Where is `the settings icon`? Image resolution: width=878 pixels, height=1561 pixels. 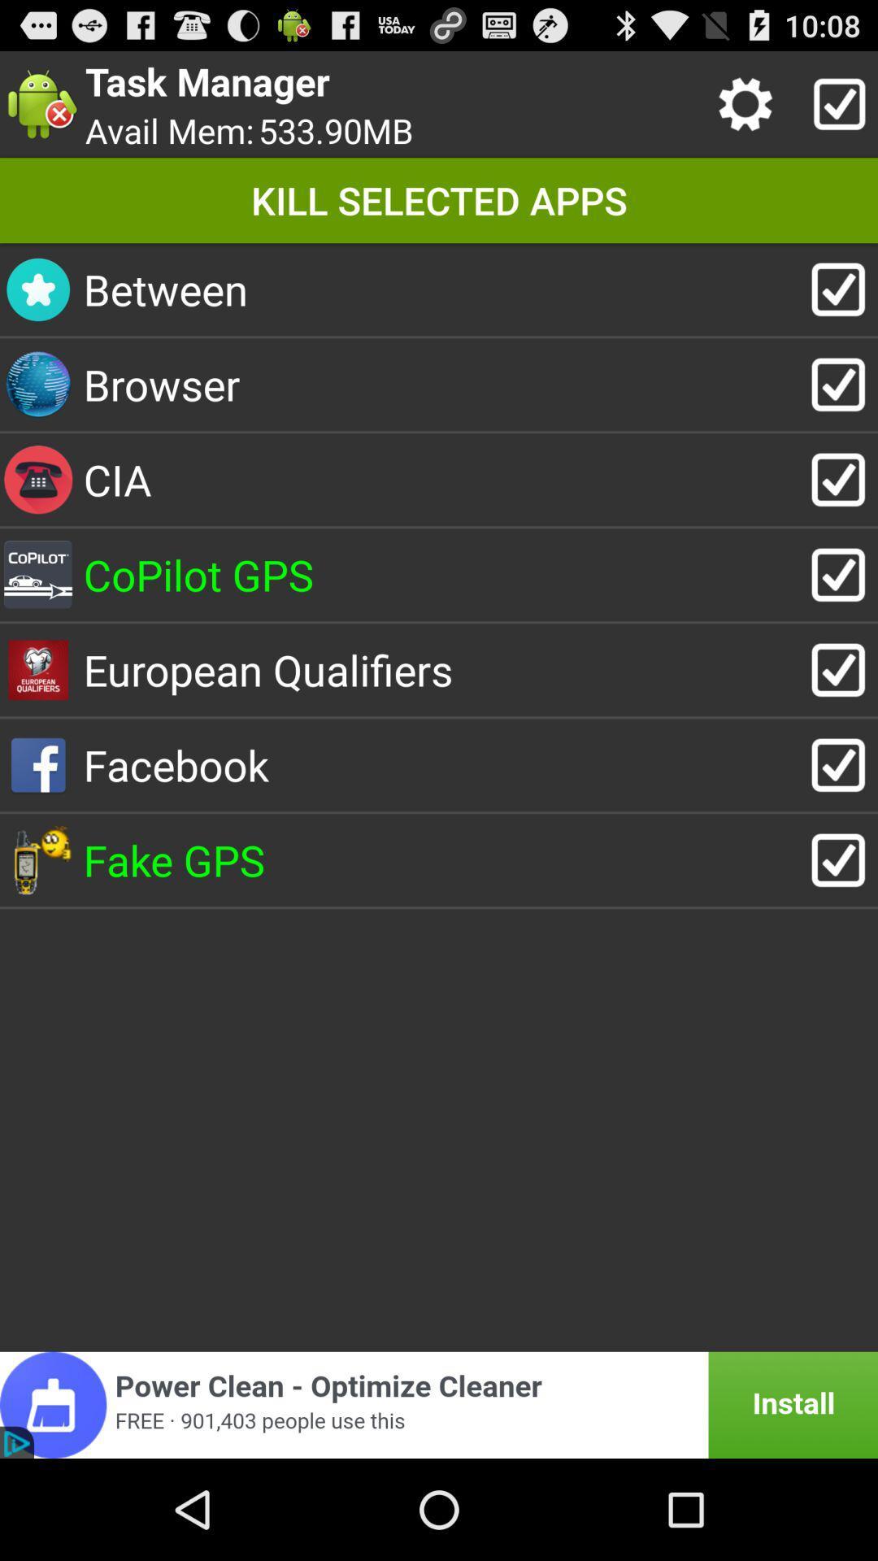 the settings icon is located at coordinates (750, 111).